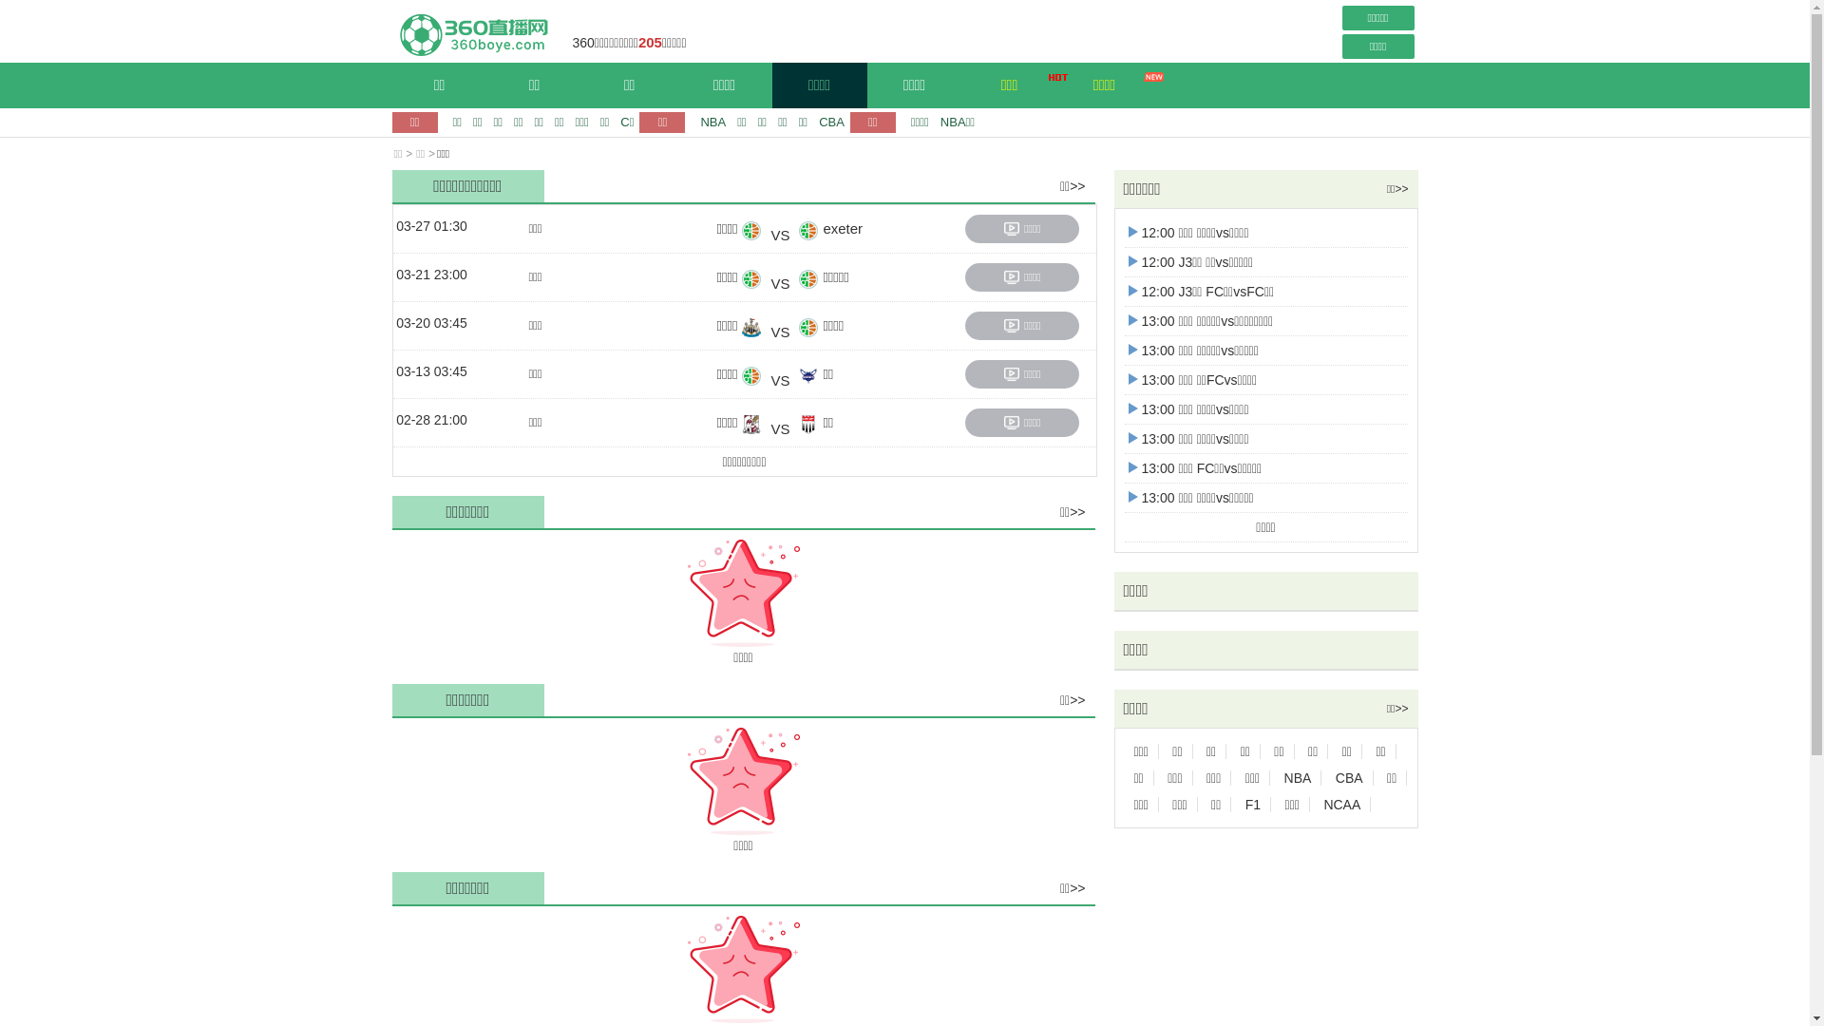 The width and height of the screenshot is (1824, 1026). What do you see at coordinates (1298, 777) in the screenshot?
I see `'NBA'` at bounding box center [1298, 777].